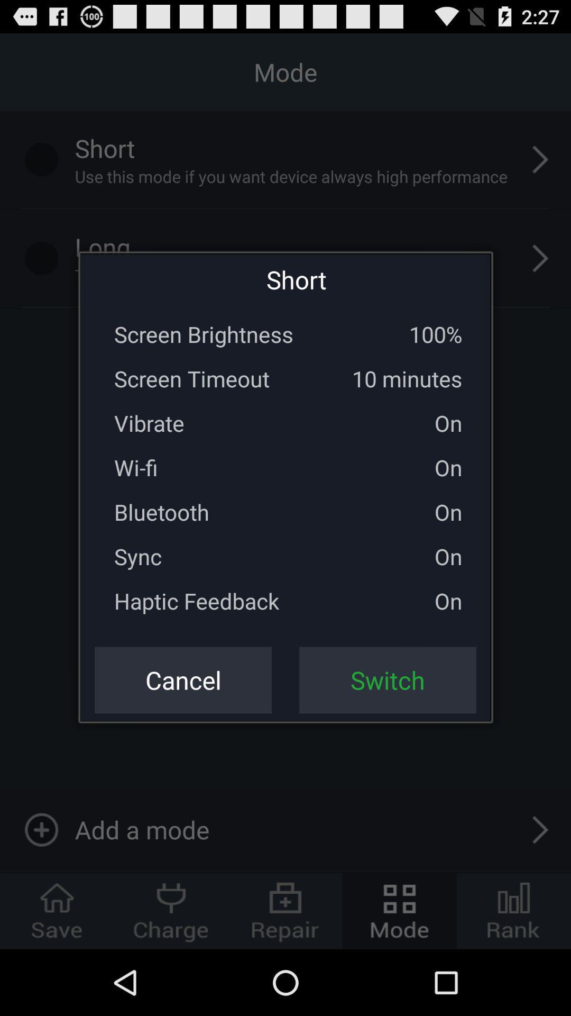 Image resolution: width=571 pixels, height=1016 pixels. Describe the element at coordinates (388, 680) in the screenshot. I see `the button at the bottom right corner` at that location.